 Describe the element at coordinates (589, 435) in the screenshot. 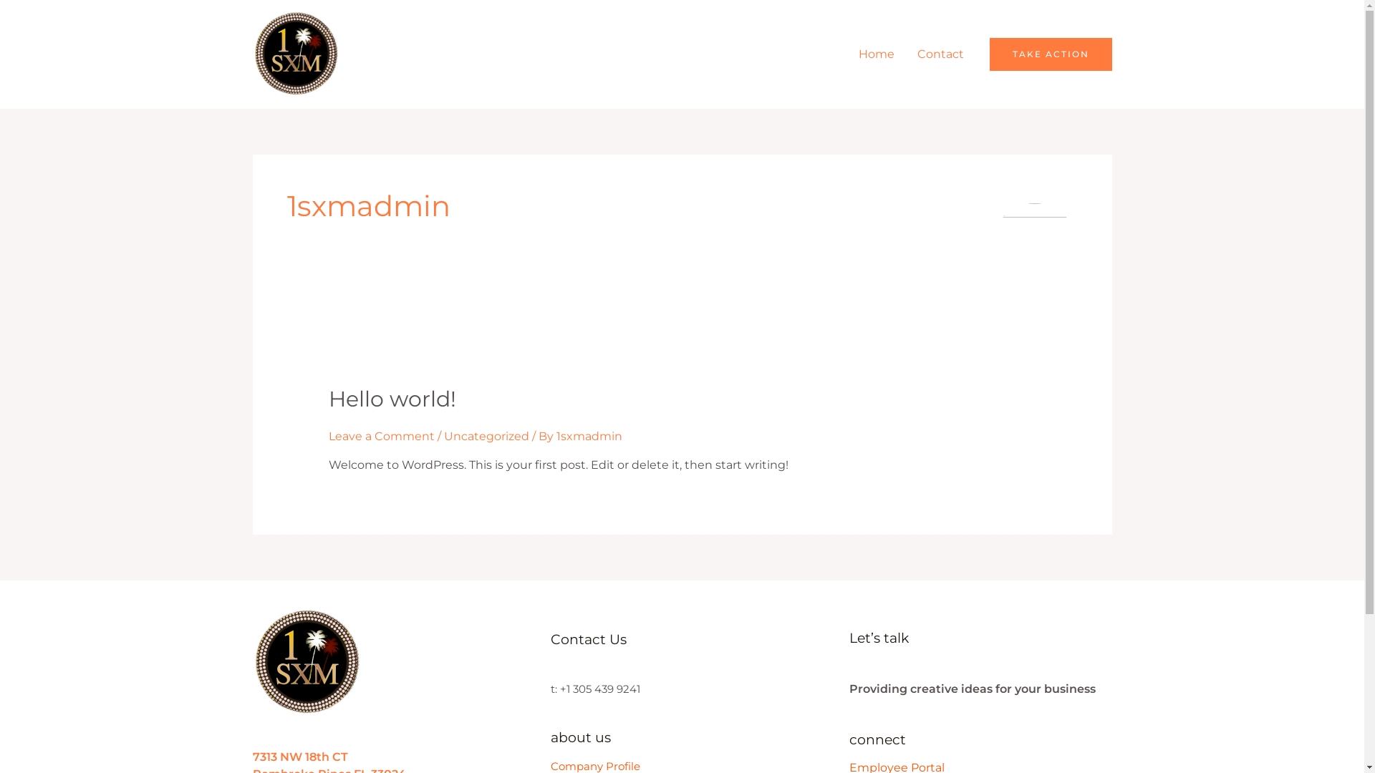

I see `'1sxmadmin'` at that location.